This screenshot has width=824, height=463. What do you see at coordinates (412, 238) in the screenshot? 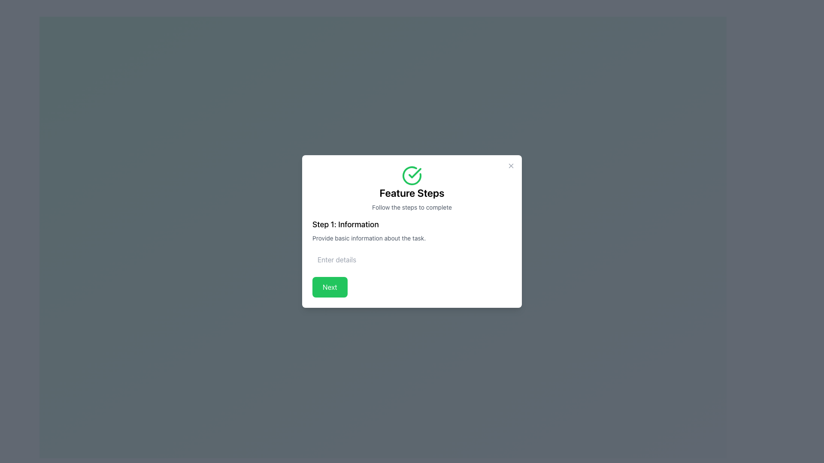
I see `the text label that says 'Provide basic information about the task.' which is located directly beneath the heading 'Step 1: Information'` at bounding box center [412, 238].